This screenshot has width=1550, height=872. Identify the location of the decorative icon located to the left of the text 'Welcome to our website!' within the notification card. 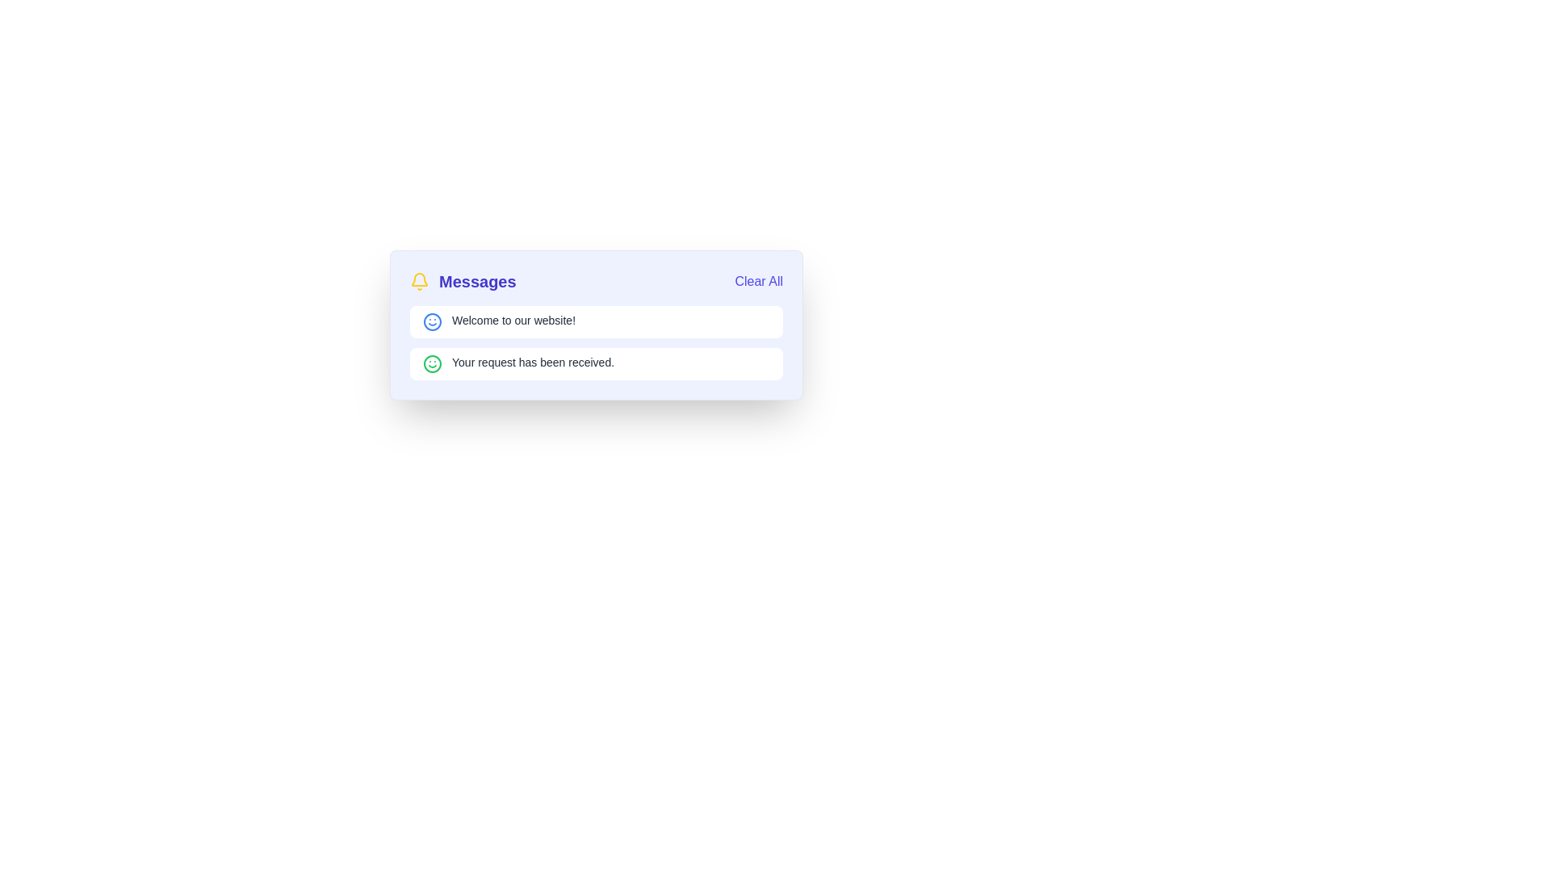
(433, 321).